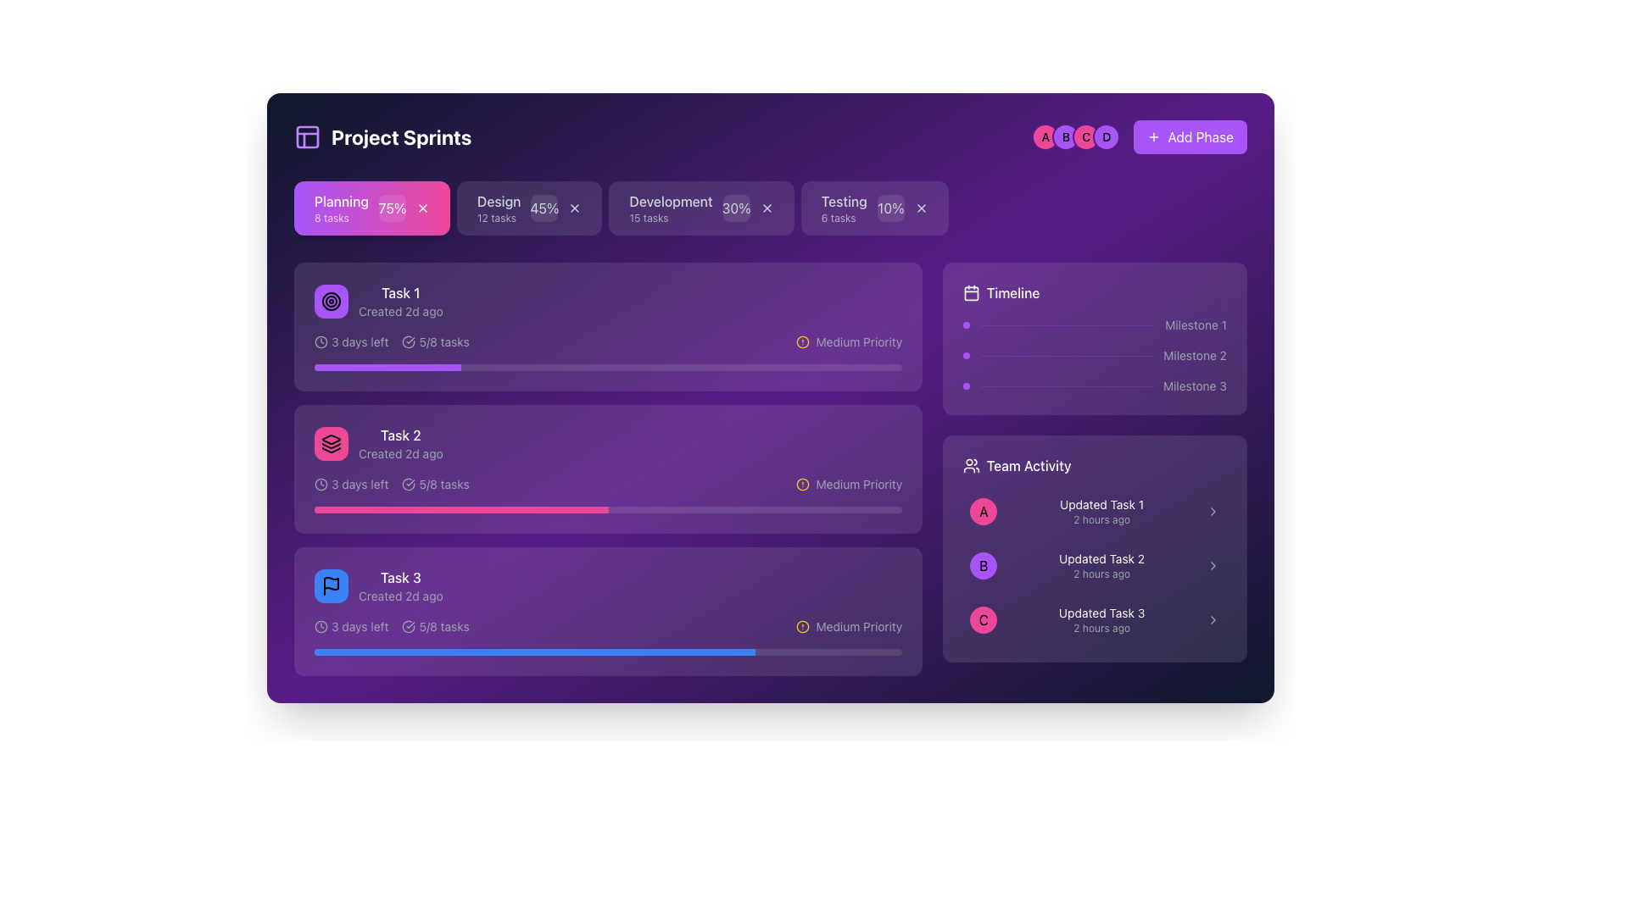 The width and height of the screenshot is (1628, 915). I want to click on the small cross (X) shaped icon located at the far right of the 'Development' section, which changes color to red on hover, so click(766, 208).